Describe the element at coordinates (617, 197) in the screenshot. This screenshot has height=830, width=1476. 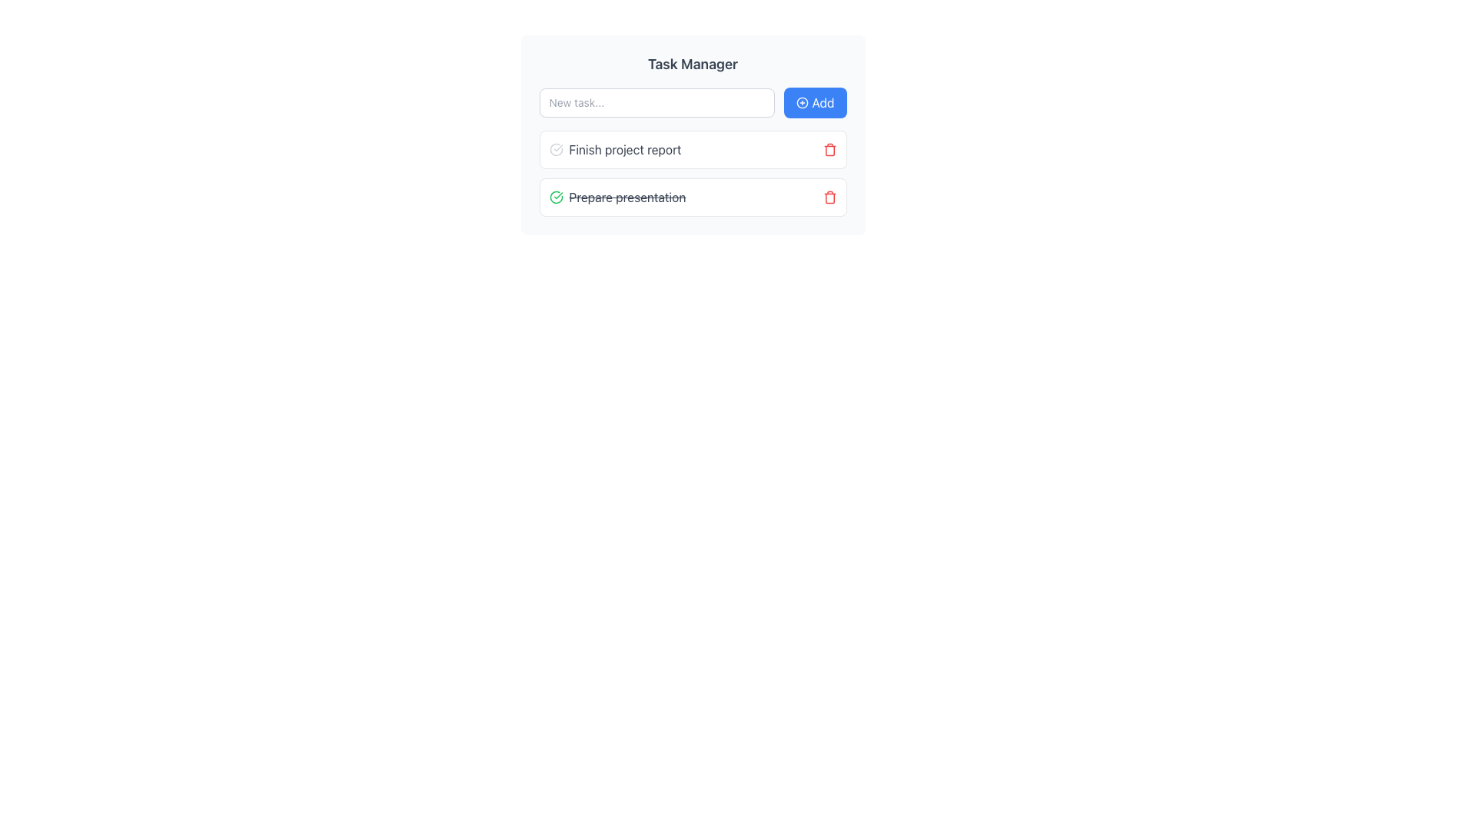
I see `the completed task item in the task list, which is marked with a strikethrough and a green check icon, located beneath 'Finish project report'` at that location.